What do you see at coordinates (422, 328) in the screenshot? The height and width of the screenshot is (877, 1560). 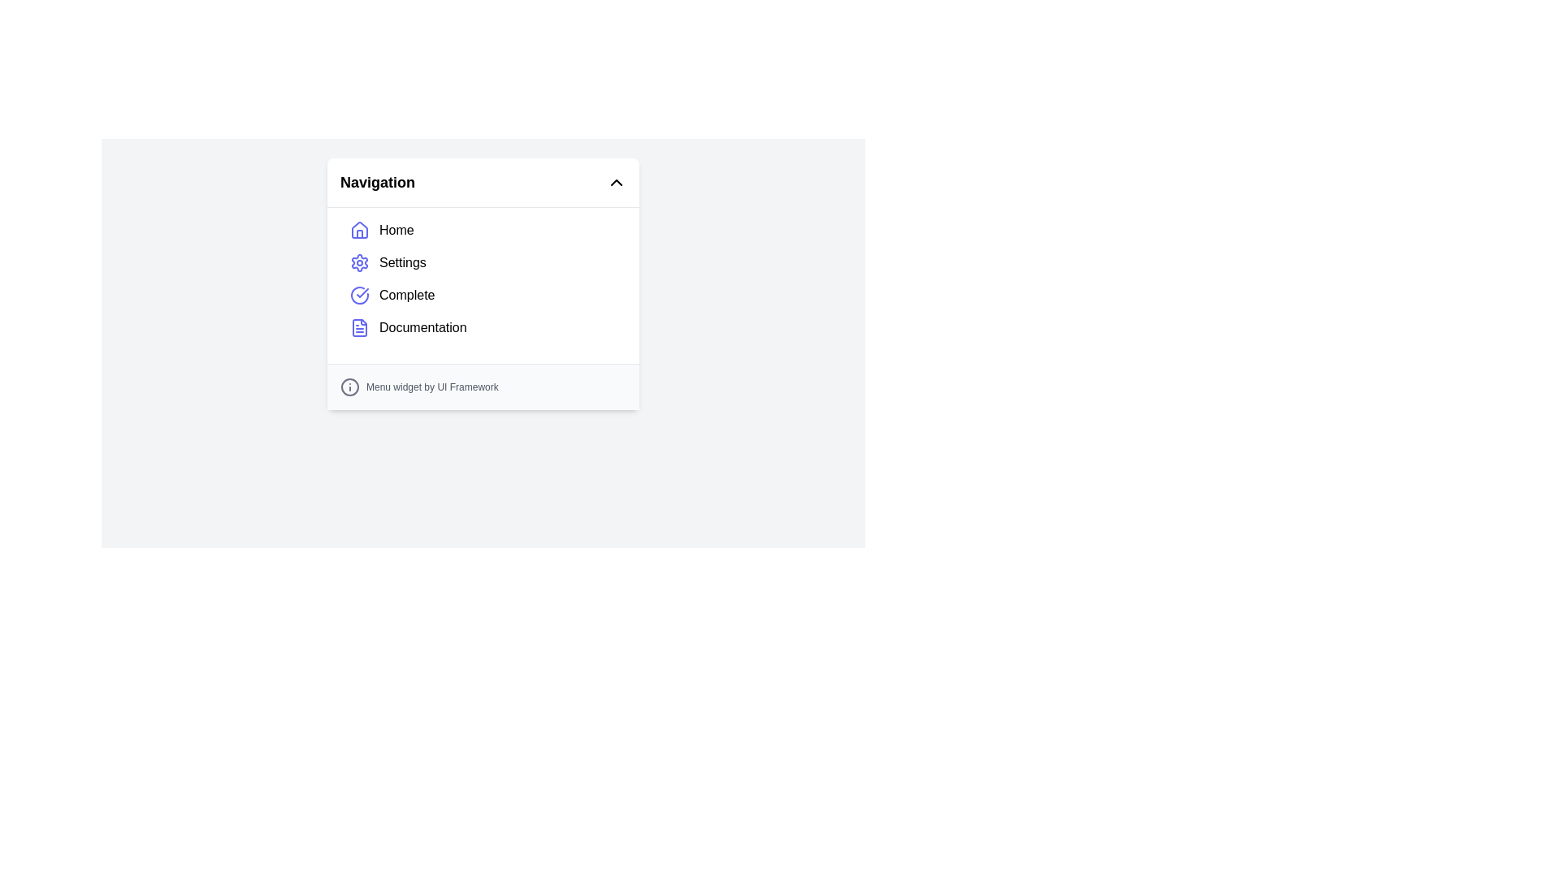 I see `the 'Documentation' text label in the vertical menu list` at bounding box center [422, 328].